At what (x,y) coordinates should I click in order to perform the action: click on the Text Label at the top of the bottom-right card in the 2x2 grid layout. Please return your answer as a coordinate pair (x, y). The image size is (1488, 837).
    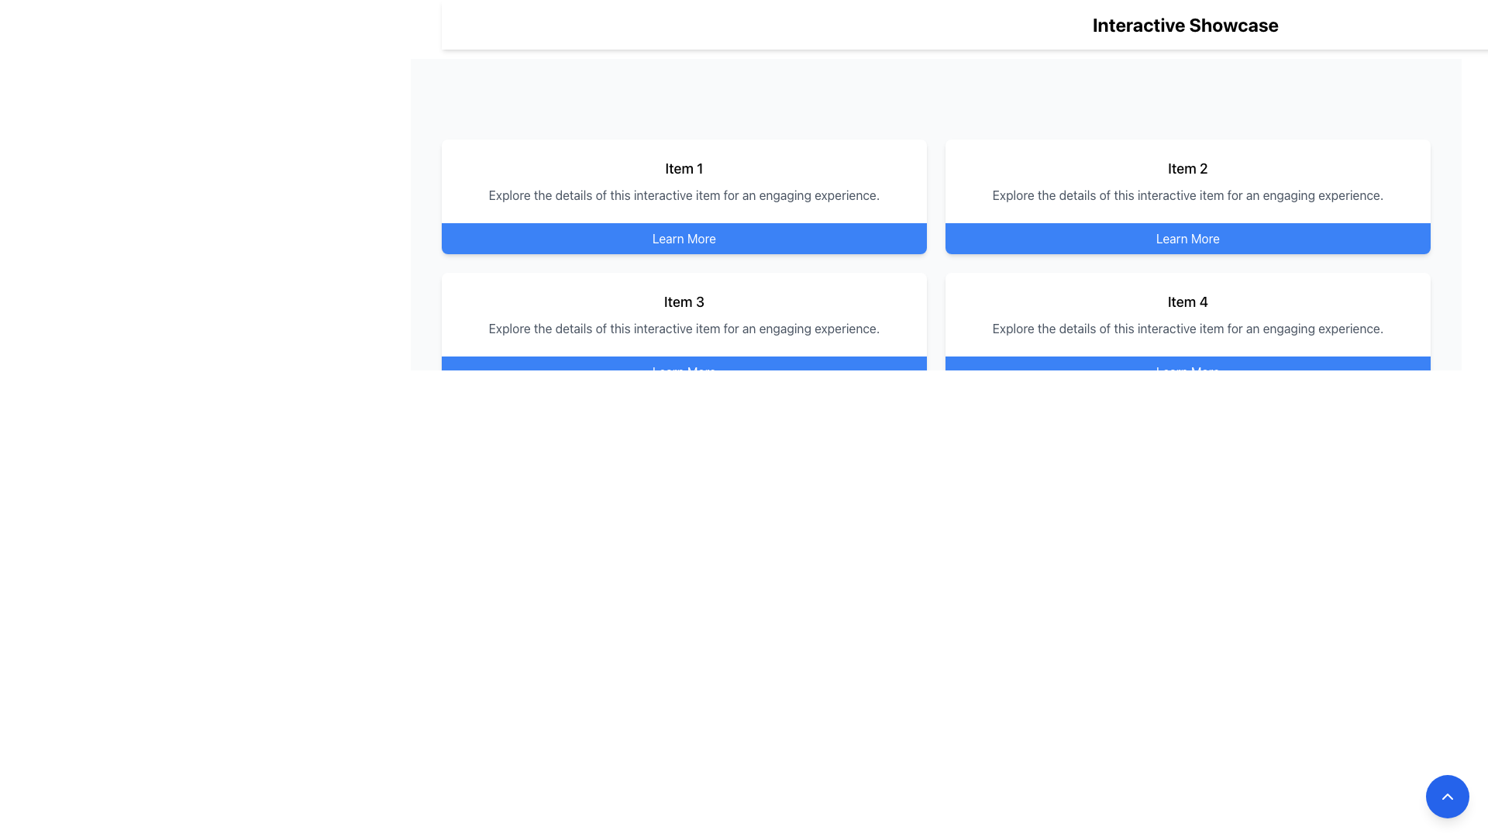
    Looking at the image, I should click on (1187, 301).